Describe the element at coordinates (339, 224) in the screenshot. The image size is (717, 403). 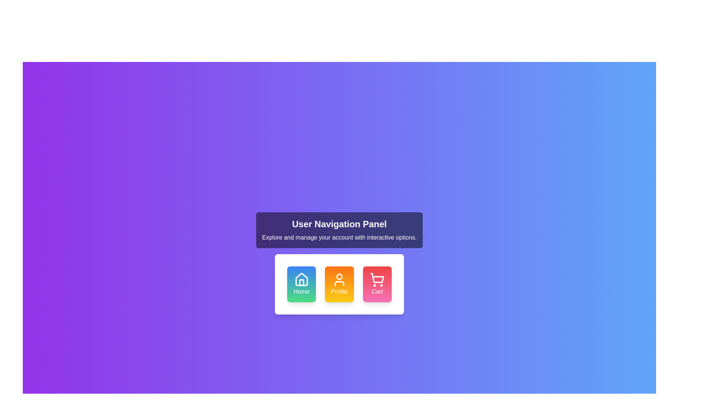
I see `text content of the Text Header displaying 'User Navigation Panel', which is a bold, large white font against a dark background, located at the top section of a dark rectangular panel` at that location.